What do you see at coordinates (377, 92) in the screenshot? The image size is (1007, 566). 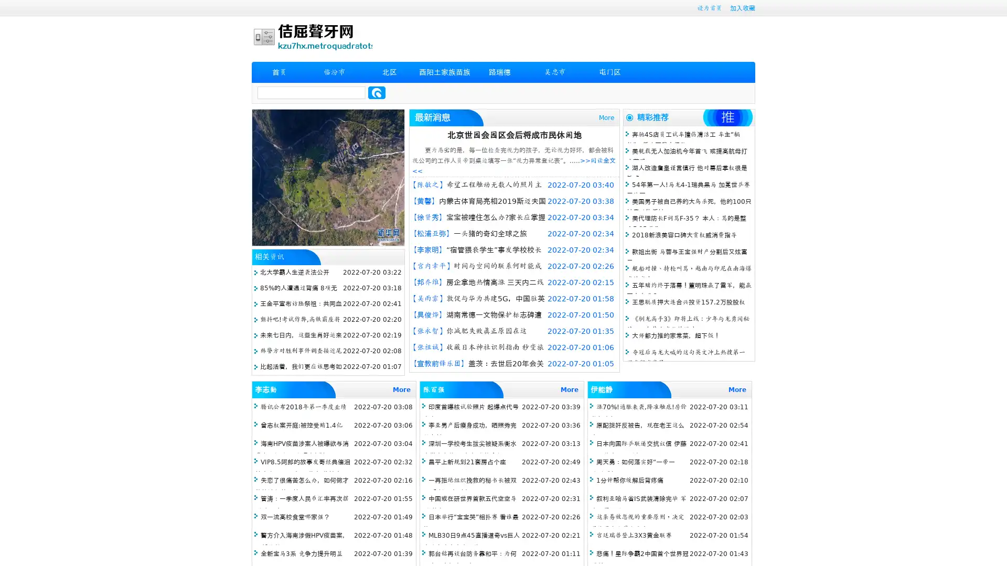 I see `Search` at bounding box center [377, 92].